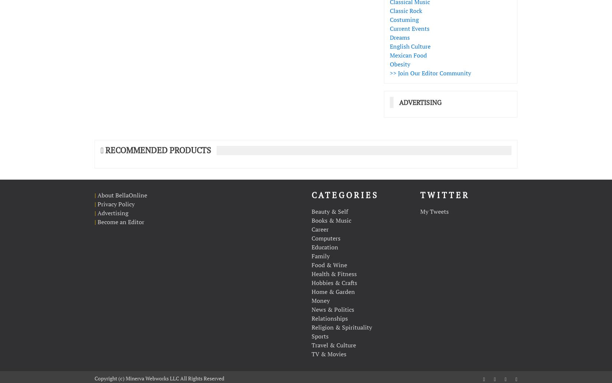 The width and height of the screenshot is (612, 383). Describe the element at coordinates (334, 273) in the screenshot. I see `'Health & Fitness'` at that location.